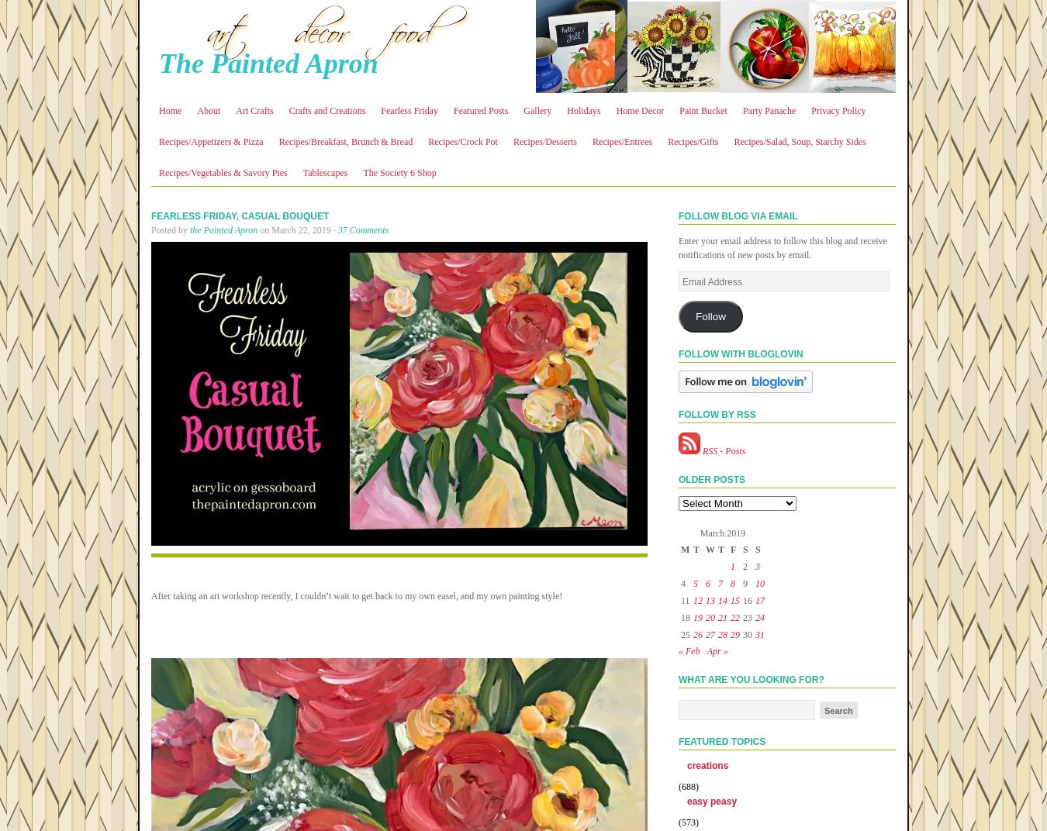  What do you see at coordinates (730, 600) in the screenshot?
I see `'15'` at bounding box center [730, 600].